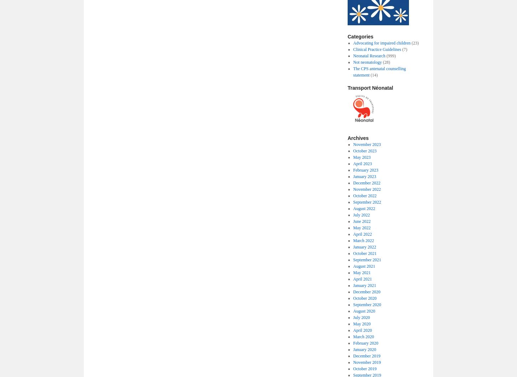  I want to click on 'December 2020', so click(367, 291).